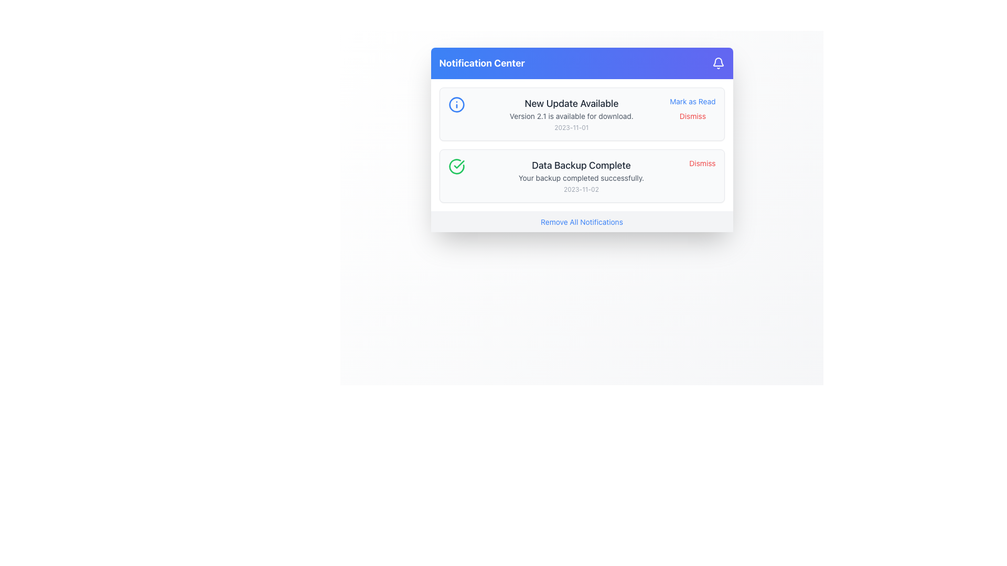 Image resolution: width=1007 pixels, height=566 pixels. I want to click on the circular blue outlined information icon located to the left of the 'New Update Available' text in the notification center's card layout, so click(456, 105).